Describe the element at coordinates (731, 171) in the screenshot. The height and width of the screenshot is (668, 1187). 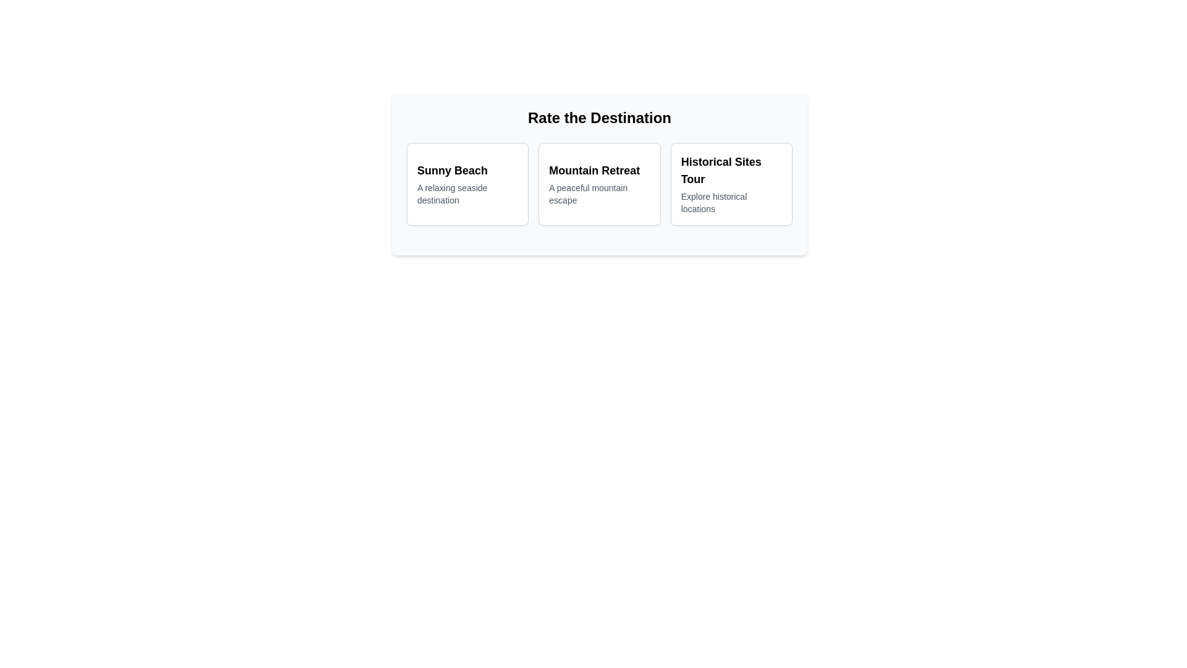
I see `textual header 'Historical Sites Tour' which is a bold and large font title located at the top of the third card under 'Rate the Destination'` at that location.